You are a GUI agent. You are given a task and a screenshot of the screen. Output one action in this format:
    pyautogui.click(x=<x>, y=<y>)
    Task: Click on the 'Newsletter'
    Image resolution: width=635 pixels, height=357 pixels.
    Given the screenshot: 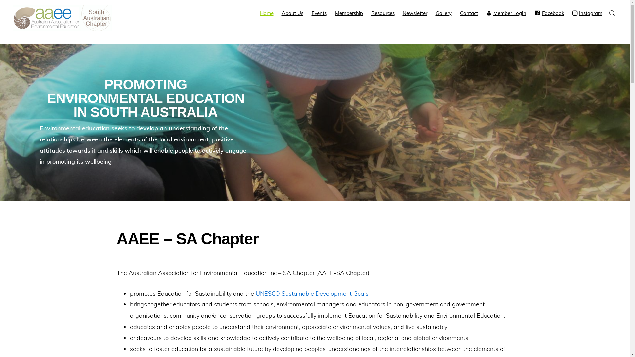 What is the action you would take?
    pyautogui.click(x=399, y=13)
    